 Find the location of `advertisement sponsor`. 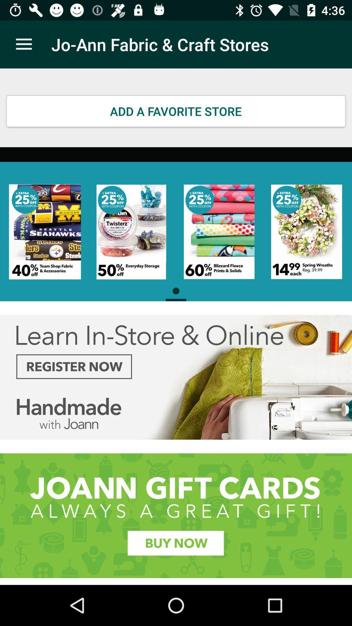

advertisement sponsor is located at coordinates (176, 515).